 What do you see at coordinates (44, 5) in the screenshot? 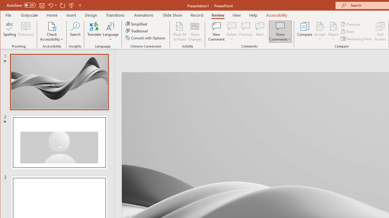
I see `'Quick Access Toolbar'` at bounding box center [44, 5].